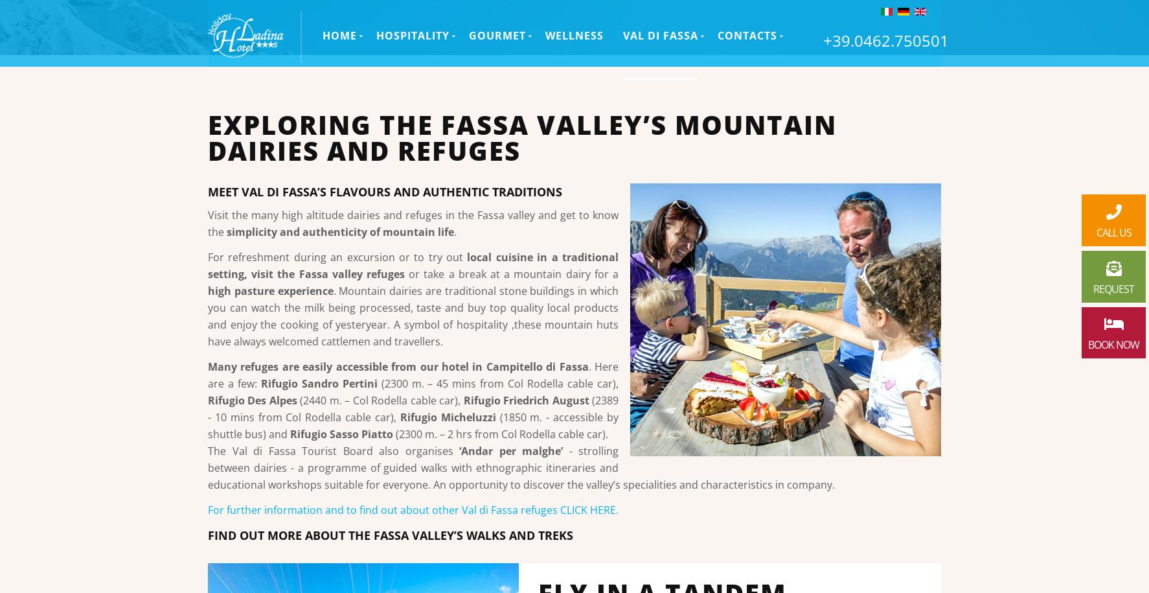 Image resolution: width=1149 pixels, height=593 pixels. What do you see at coordinates (413, 223) in the screenshot?
I see `'Visit the many high altitude dairies and refuges in the Fassa valley and get to know the'` at bounding box center [413, 223].